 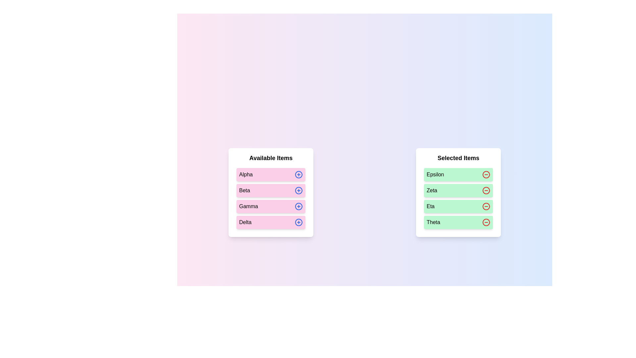 I want to click on the minus icon next to the item labeled Theta in the 'Selected Items' list to move it back to the 'Available Items' list, so click(x=486, y=222).